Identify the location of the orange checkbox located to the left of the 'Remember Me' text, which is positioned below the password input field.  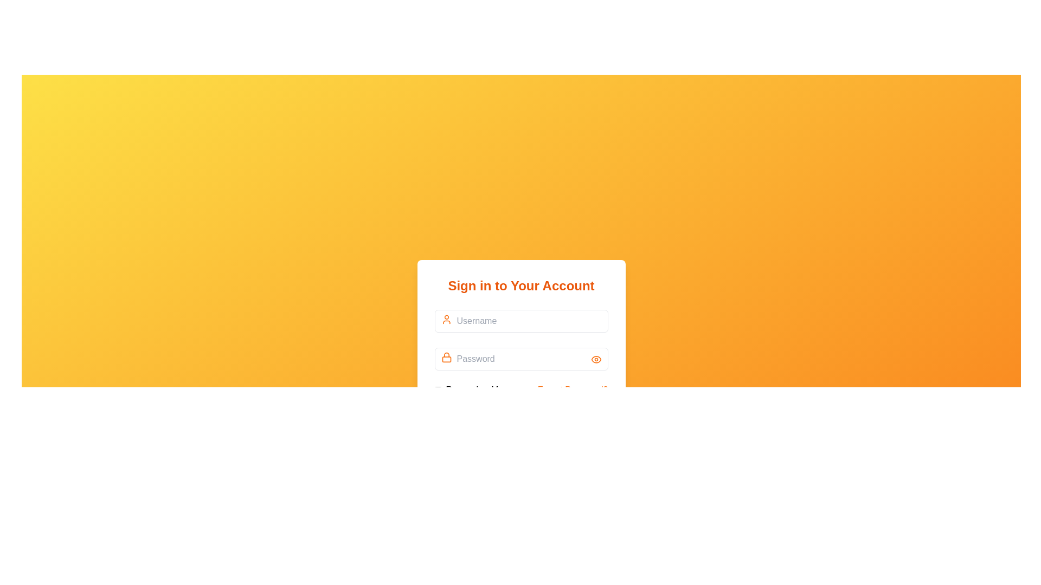
(438, 390).